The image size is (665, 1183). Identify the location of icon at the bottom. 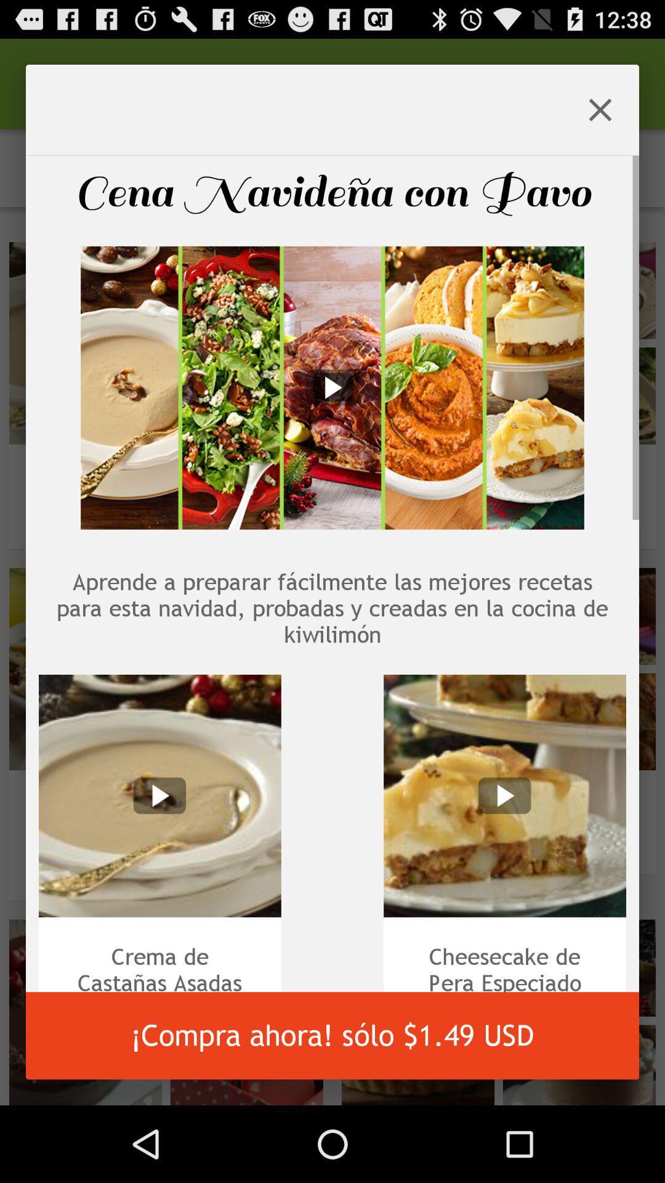
(332, 1035).